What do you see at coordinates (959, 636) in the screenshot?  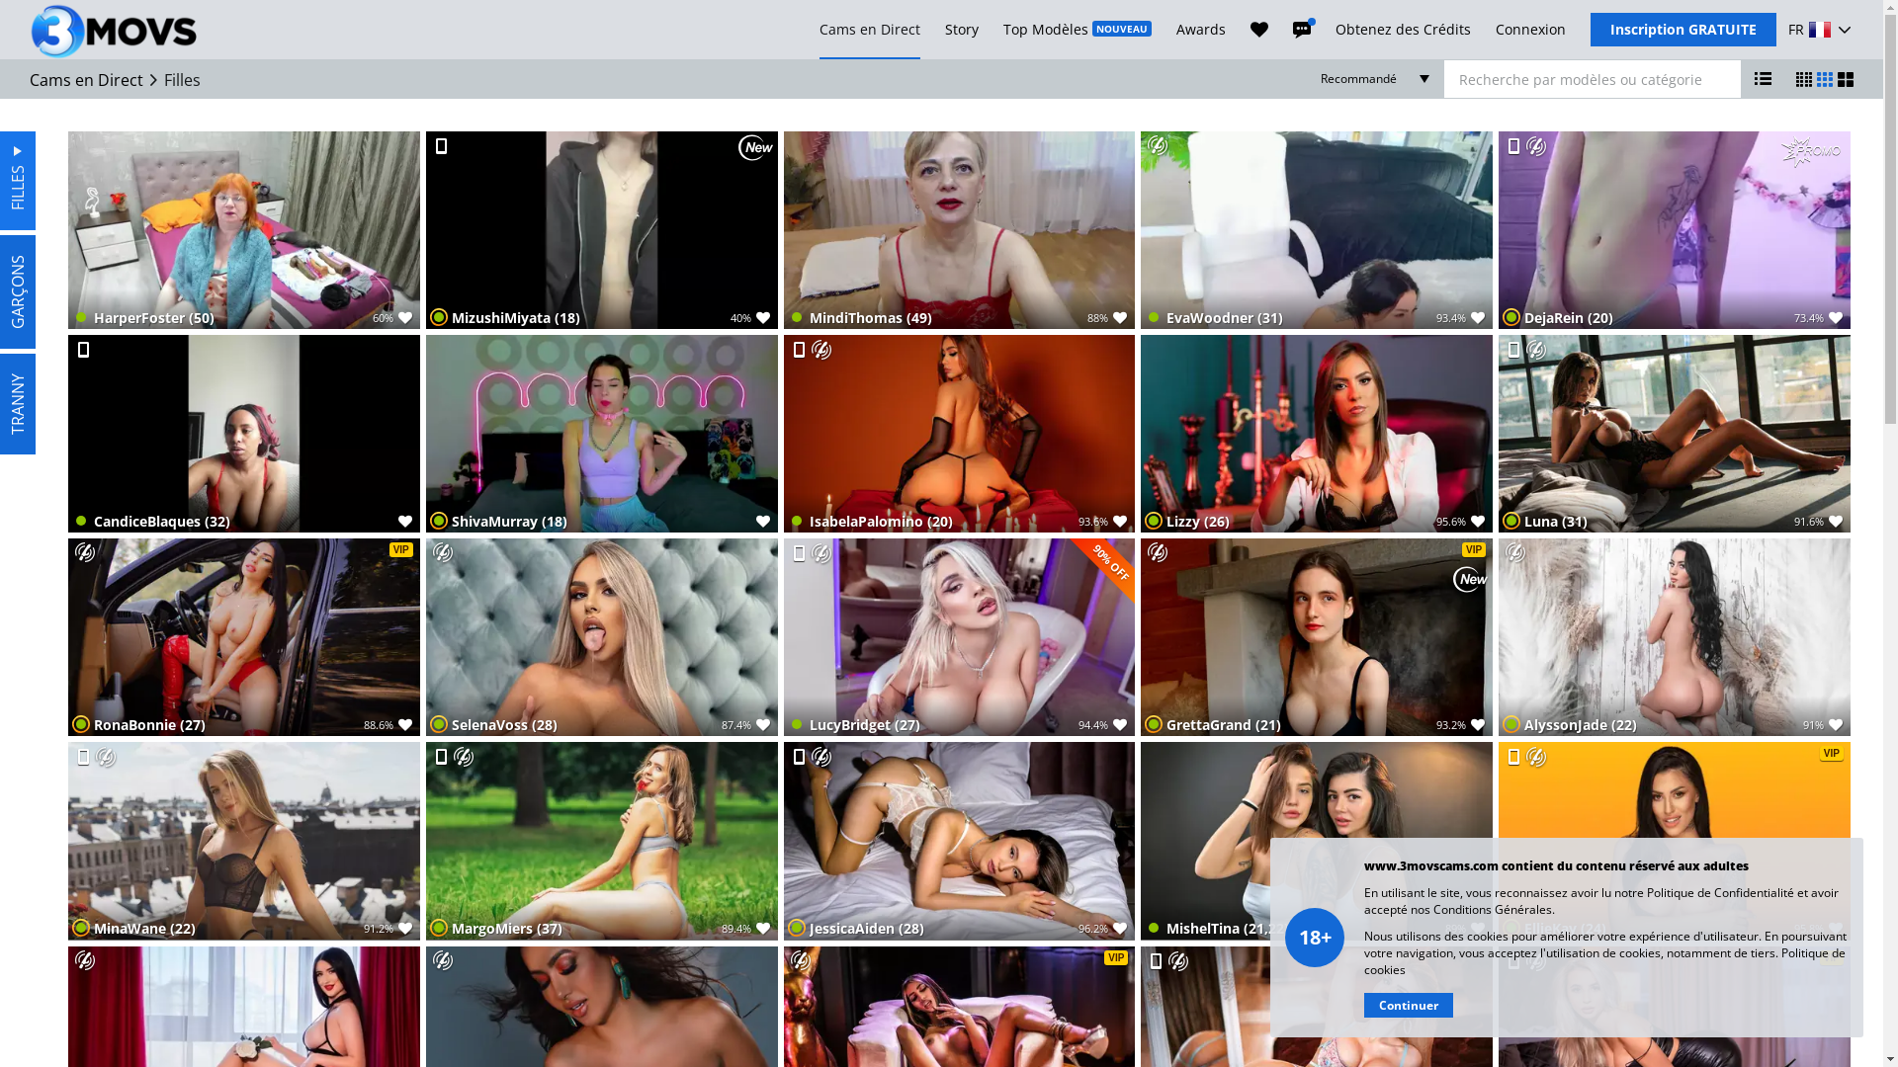 I see `'LucyBridget (27)` at bounding box center [959, 636].